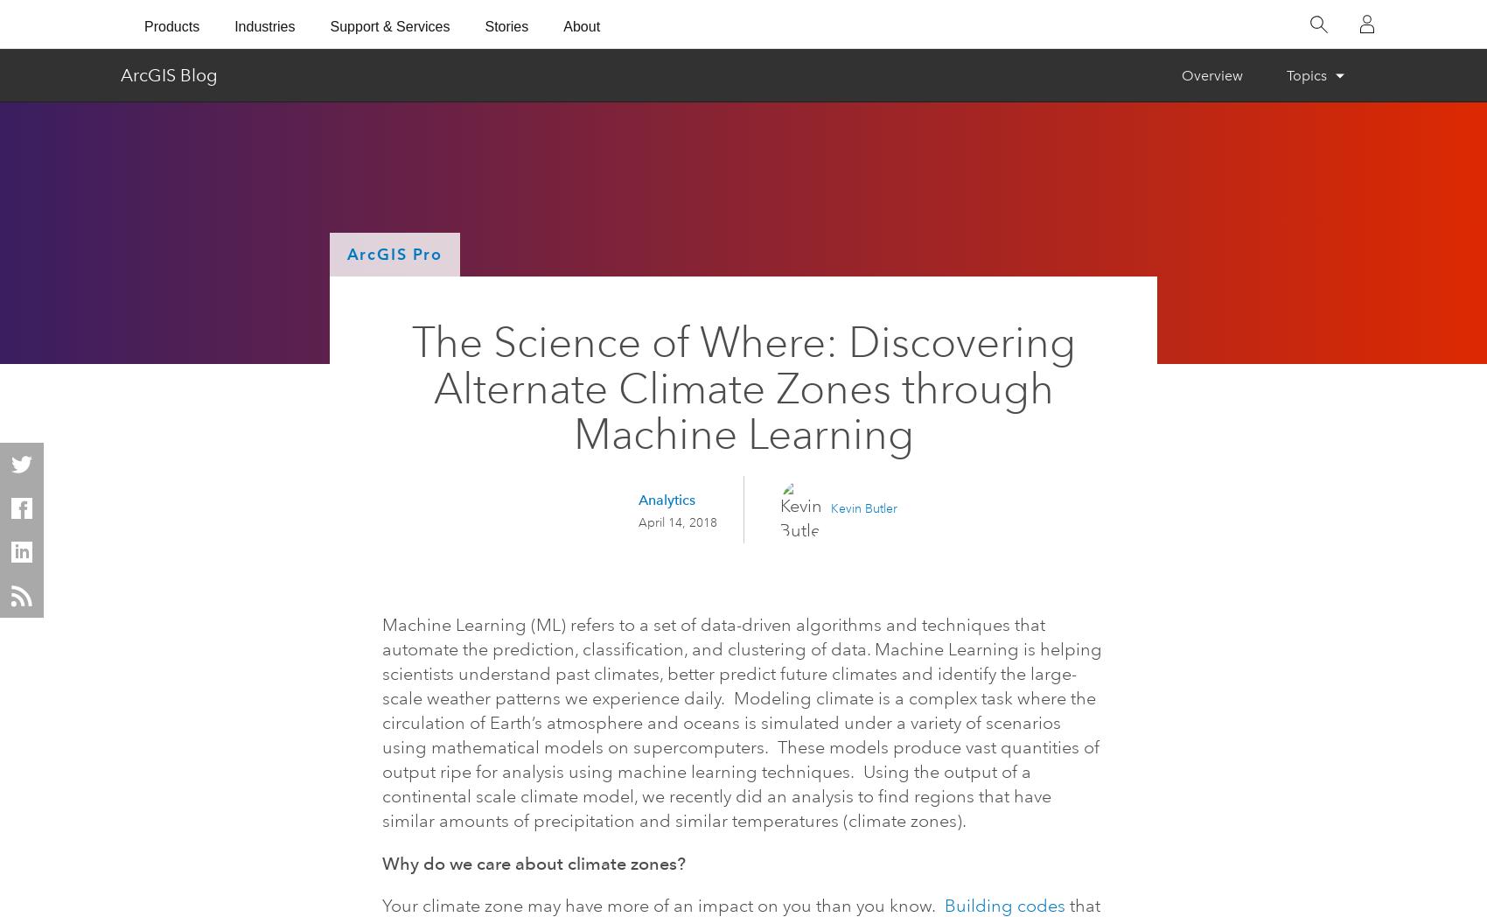  Describe the element at coordinates (171, 24) in the screenshot. I see `'Products'` at that location.